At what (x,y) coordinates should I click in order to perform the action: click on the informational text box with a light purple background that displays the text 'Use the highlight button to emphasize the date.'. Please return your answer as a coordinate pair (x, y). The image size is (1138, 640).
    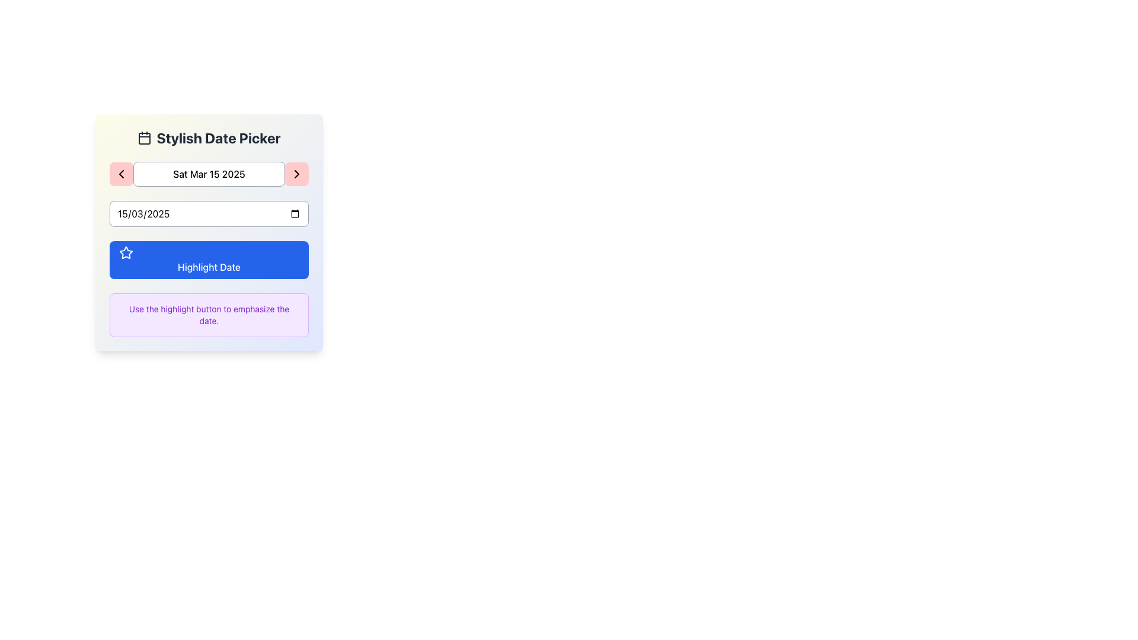
    Looking at the image, I should click on (209, 315).